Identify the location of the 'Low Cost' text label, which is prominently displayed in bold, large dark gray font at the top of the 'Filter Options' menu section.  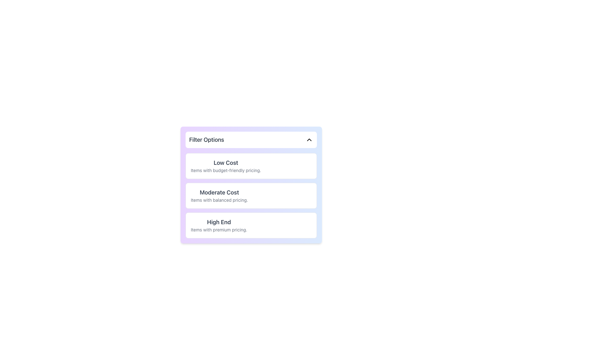
(226, 163).